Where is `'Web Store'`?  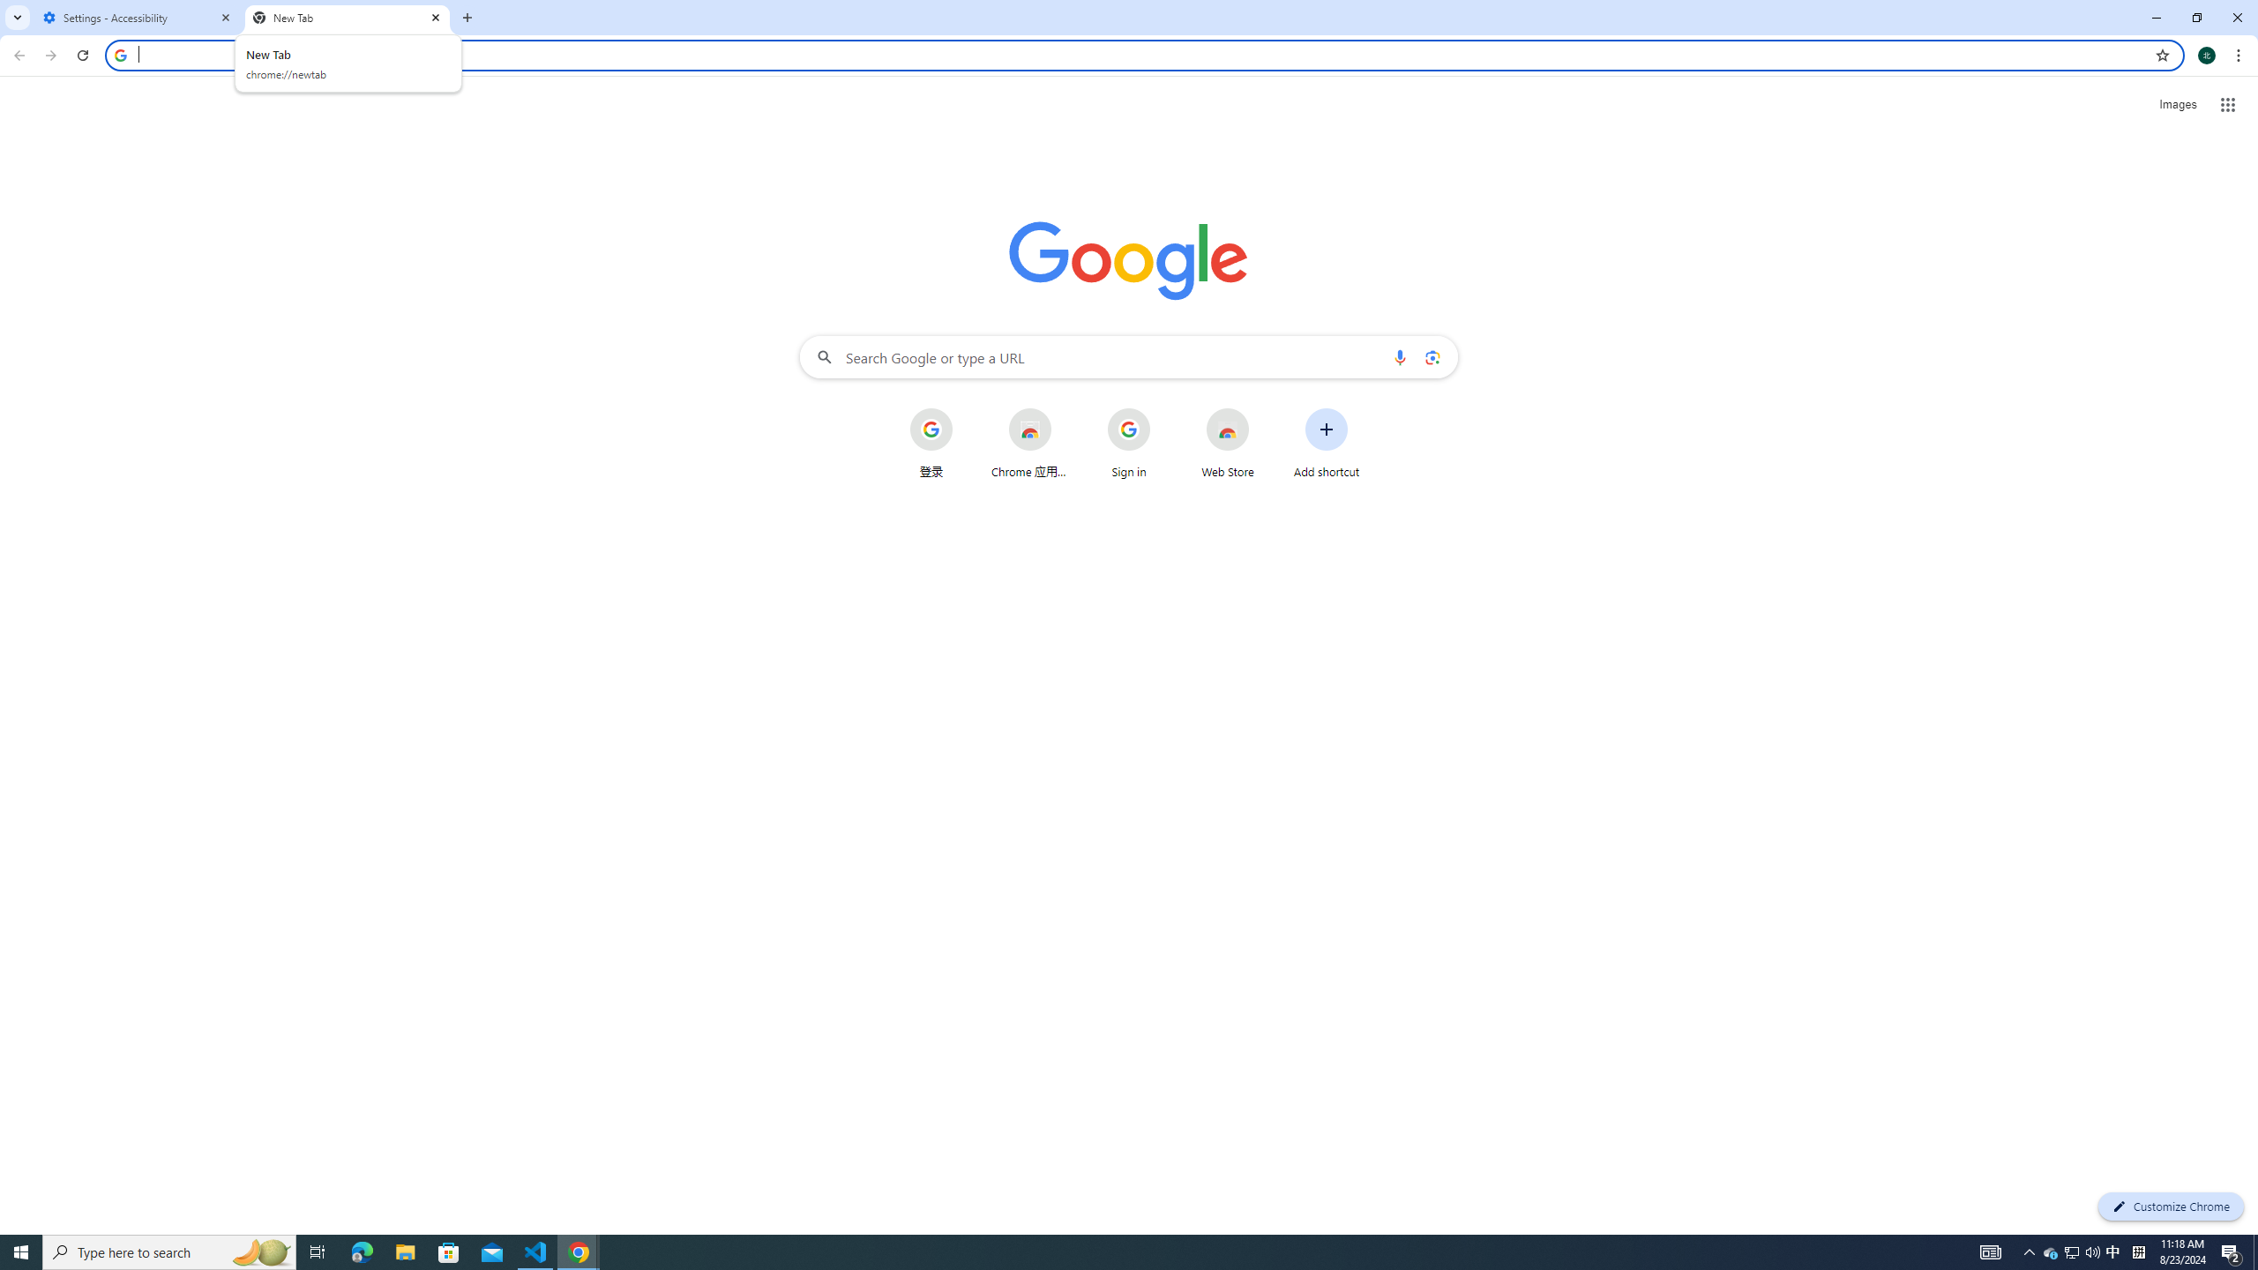
'Web Store' is located at coordinates (1227, 442).